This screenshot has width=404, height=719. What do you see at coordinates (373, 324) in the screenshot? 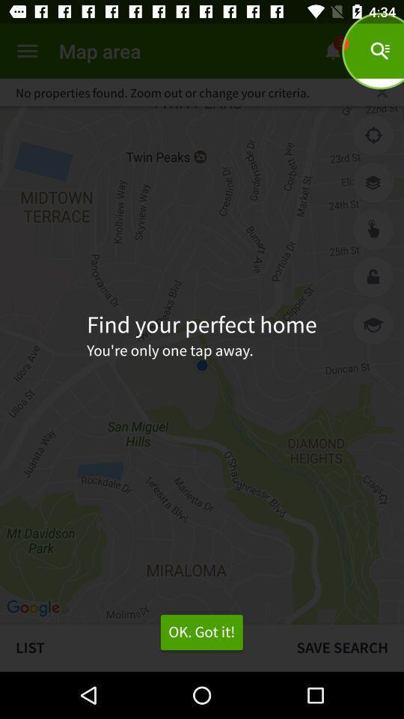
I see `the item above save search item` at bounding box center [373, 324].